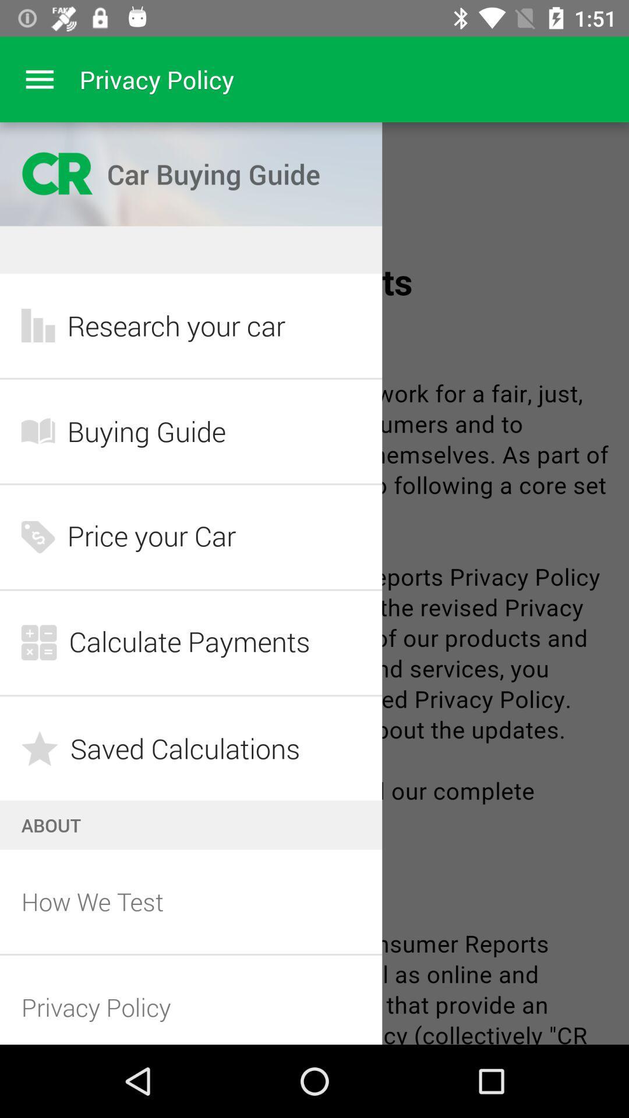 This screenshot has height=1118, width=629. Describe the element at coordinates (39, 79) in the screenshot. I see `menu options` at that location.